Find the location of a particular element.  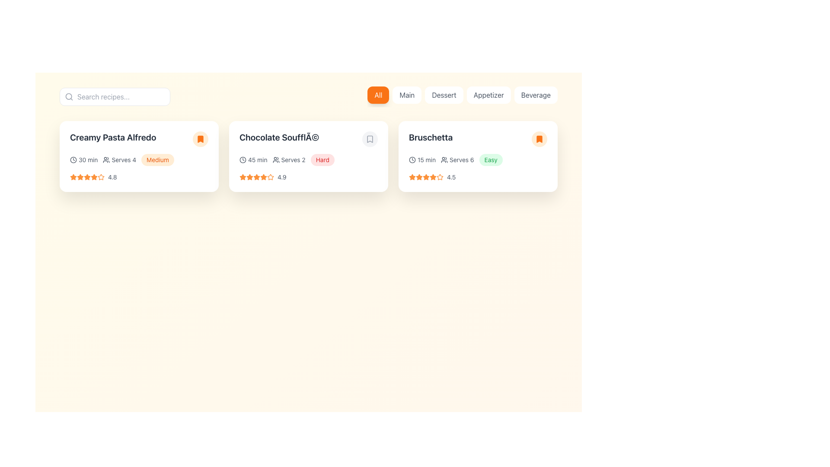

the static text displaying 'Serves 6' next to the user icon in the center-right section of the 'Bruschetta' card is located at coordinates (457, 160).